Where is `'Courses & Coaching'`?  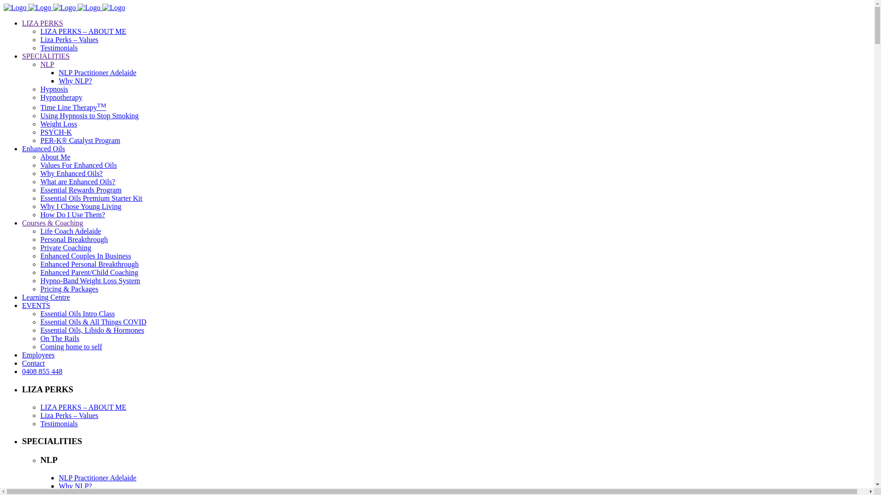 'Courses & Coaching' is located at coordinates (52, 223).